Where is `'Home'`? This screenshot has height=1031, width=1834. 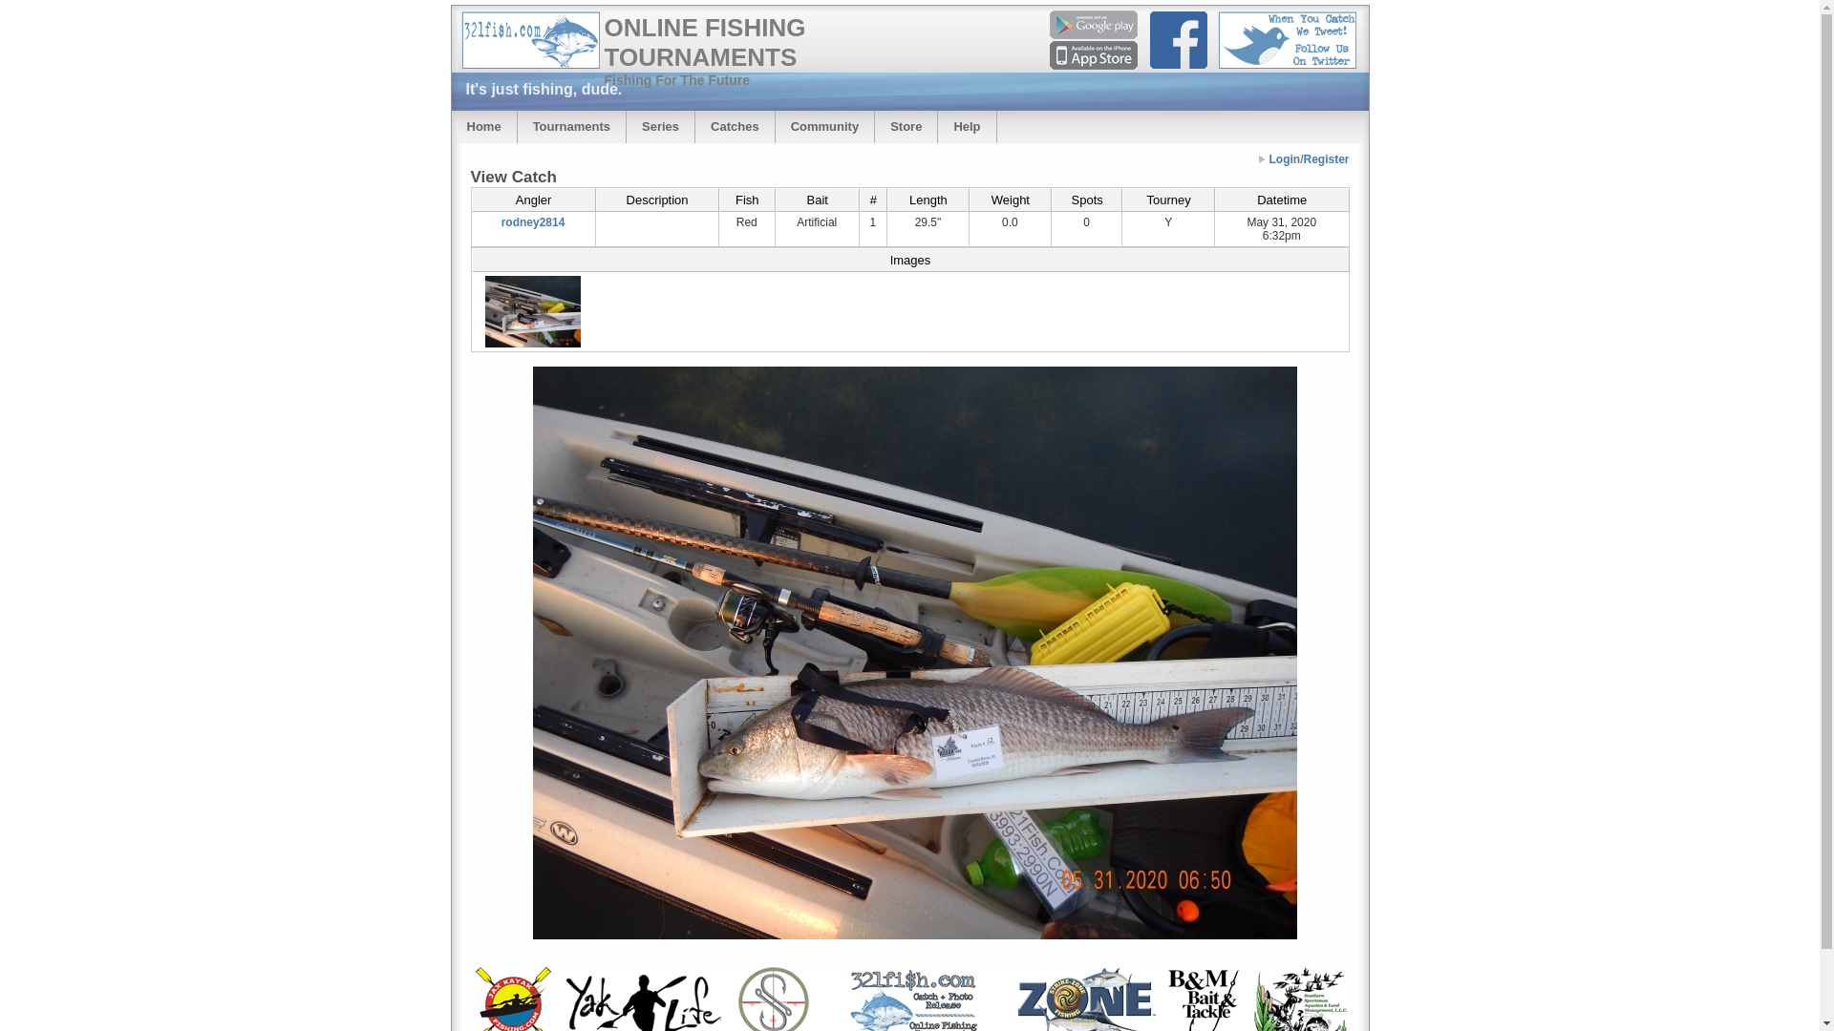
'Home' is located at coordinates (449, 126).